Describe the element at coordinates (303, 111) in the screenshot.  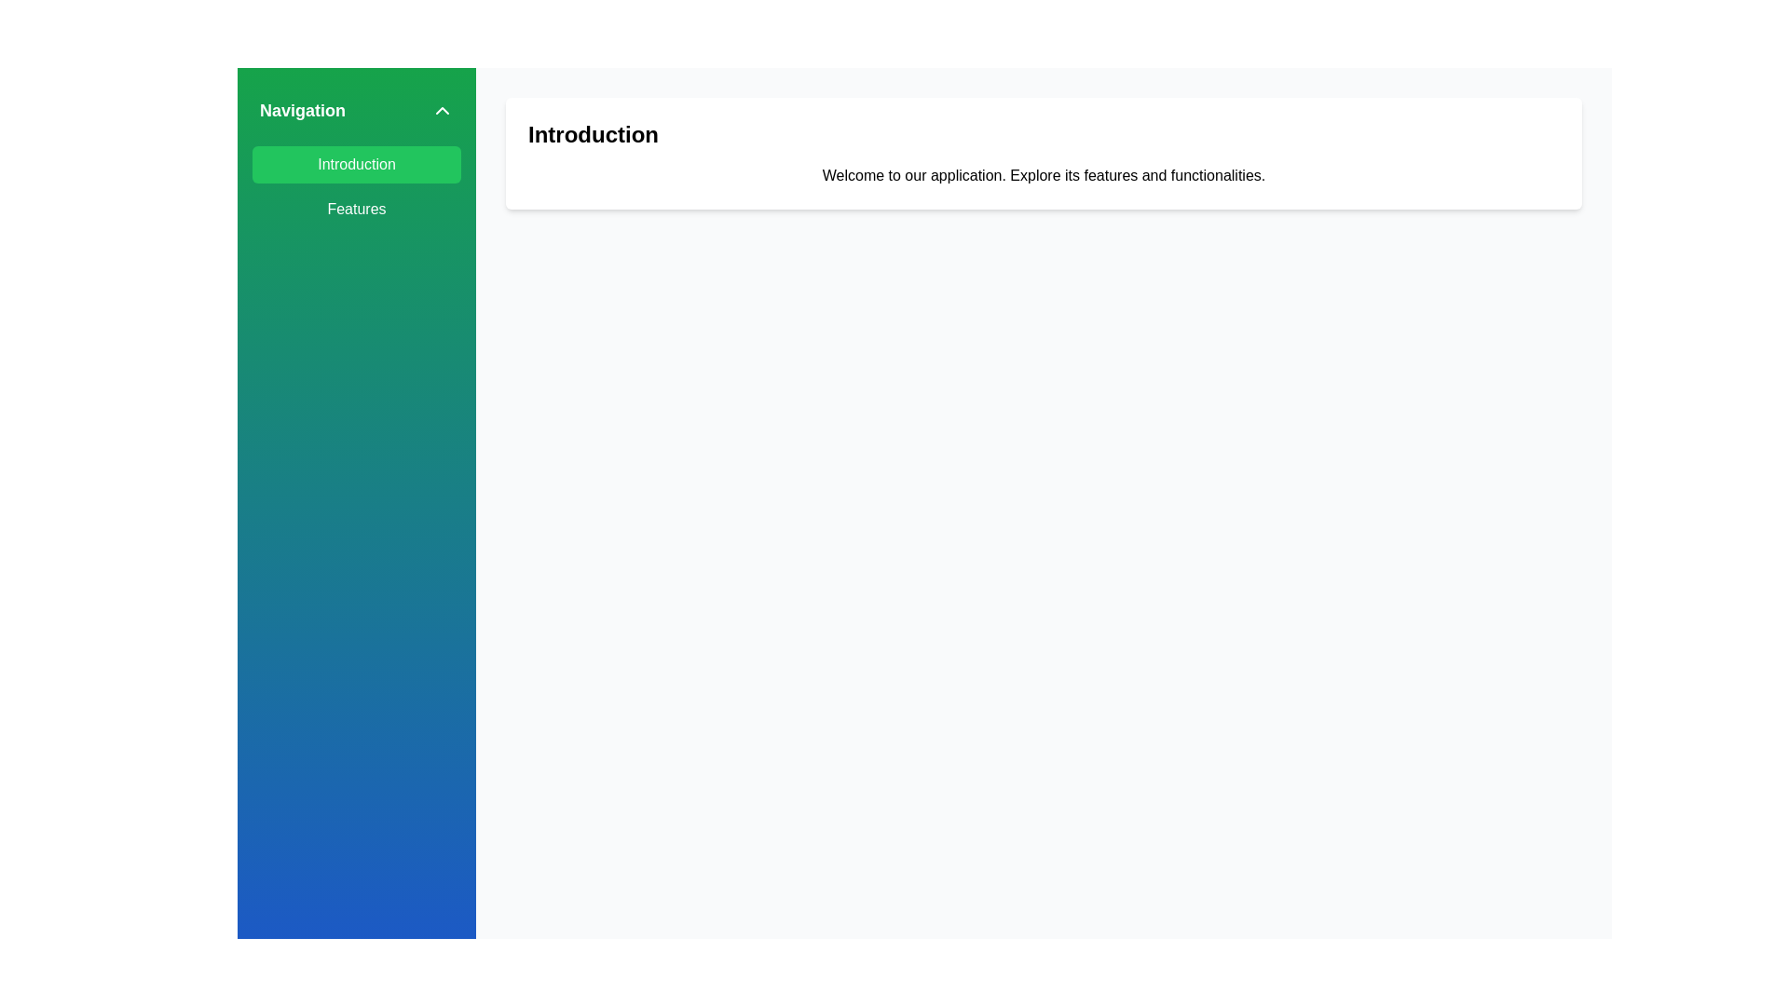
I see `the text label that serves as the header for the navigational menu on the left sidebar` at that location.